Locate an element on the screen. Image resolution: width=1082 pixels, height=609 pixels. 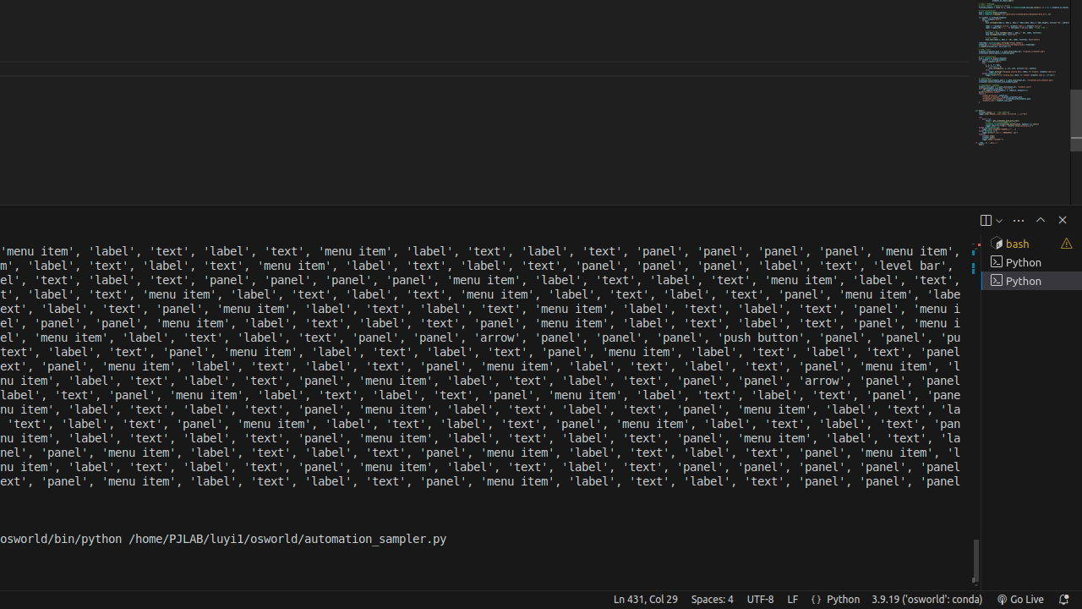
'3.9.19 (' is located at coordinates (926, 598).